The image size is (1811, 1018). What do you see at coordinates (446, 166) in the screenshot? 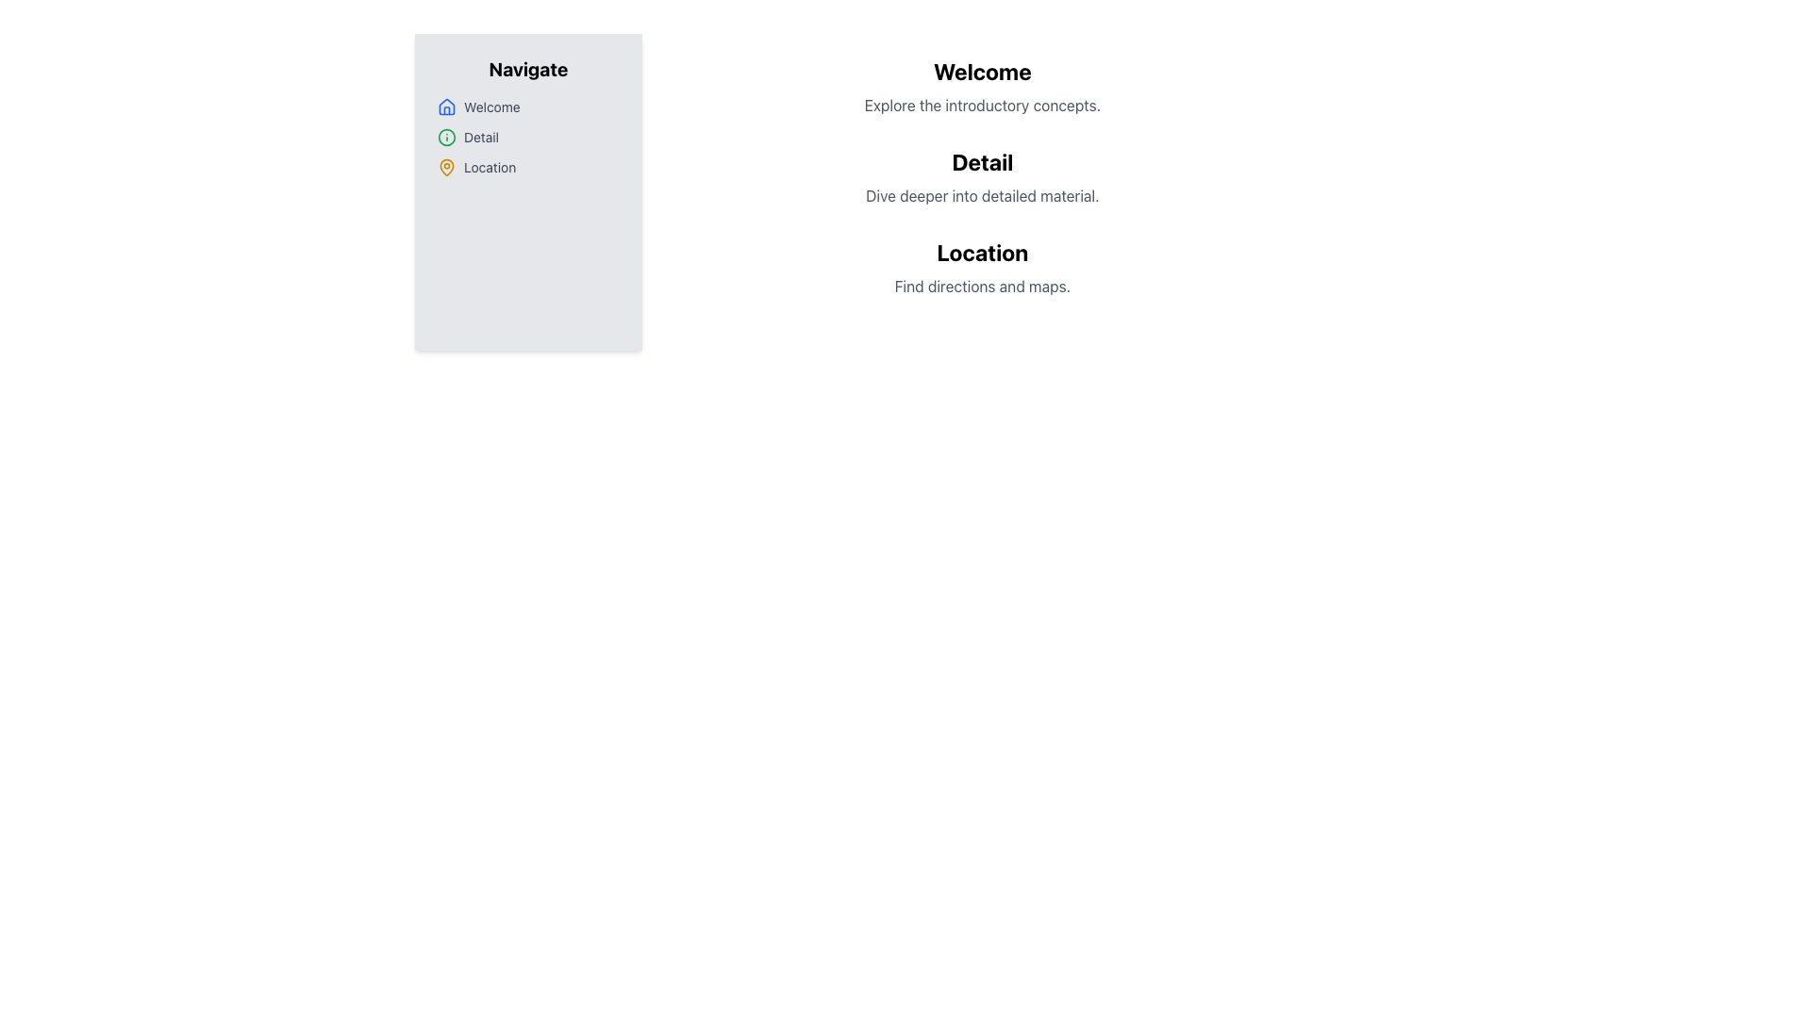
I see `the navigation icon representing location functionality, which is the third icon in the vertical list of icons in the left-side navigation menu` at bounding box center [446, 166].